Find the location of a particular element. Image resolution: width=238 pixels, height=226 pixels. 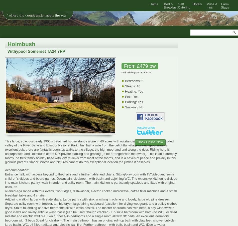

'From 	£479 pw' is located at coordinates (140, 66).